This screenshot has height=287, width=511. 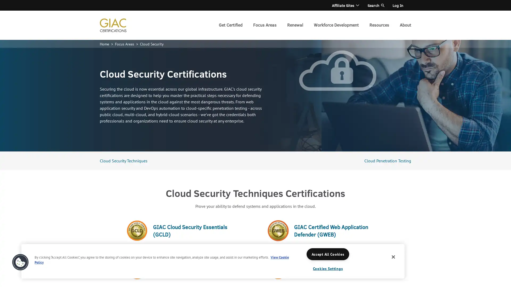 What do you see at coordinates (20, 262) in the screenshot?
I see `Cookies` at bounding box center [20, 262].